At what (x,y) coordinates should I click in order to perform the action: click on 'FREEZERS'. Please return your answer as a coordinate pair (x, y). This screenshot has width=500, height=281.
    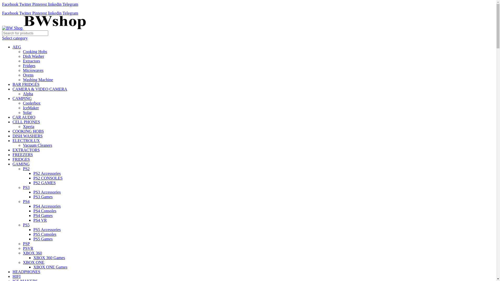
    Looking at the image, I should click on (12, 154).